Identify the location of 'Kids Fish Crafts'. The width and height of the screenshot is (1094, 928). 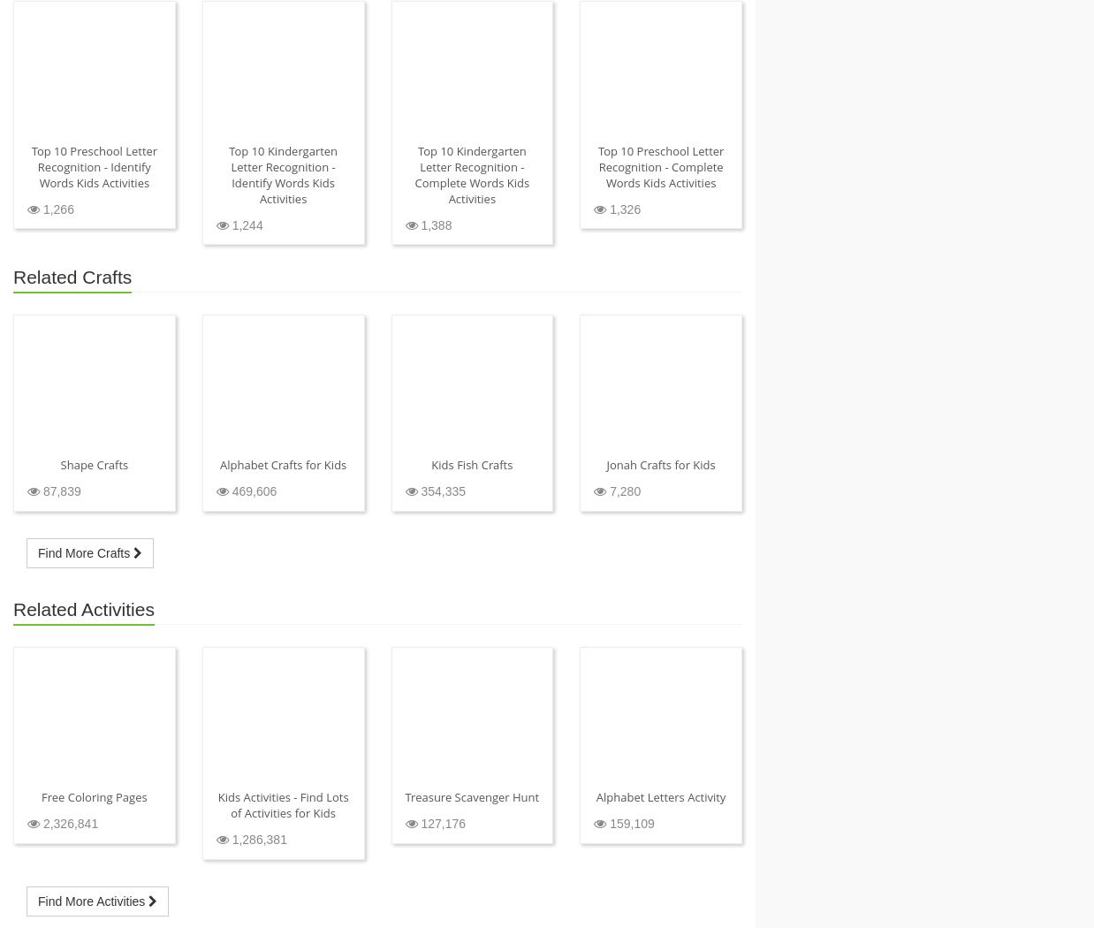
(471, 465).